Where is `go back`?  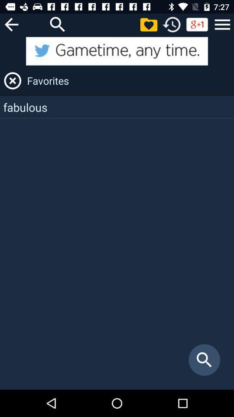
go back is located at coordinates (11, 24).